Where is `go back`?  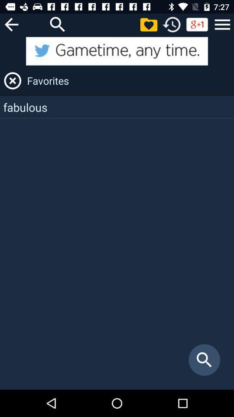
go back is located at coordinates (11, 24).